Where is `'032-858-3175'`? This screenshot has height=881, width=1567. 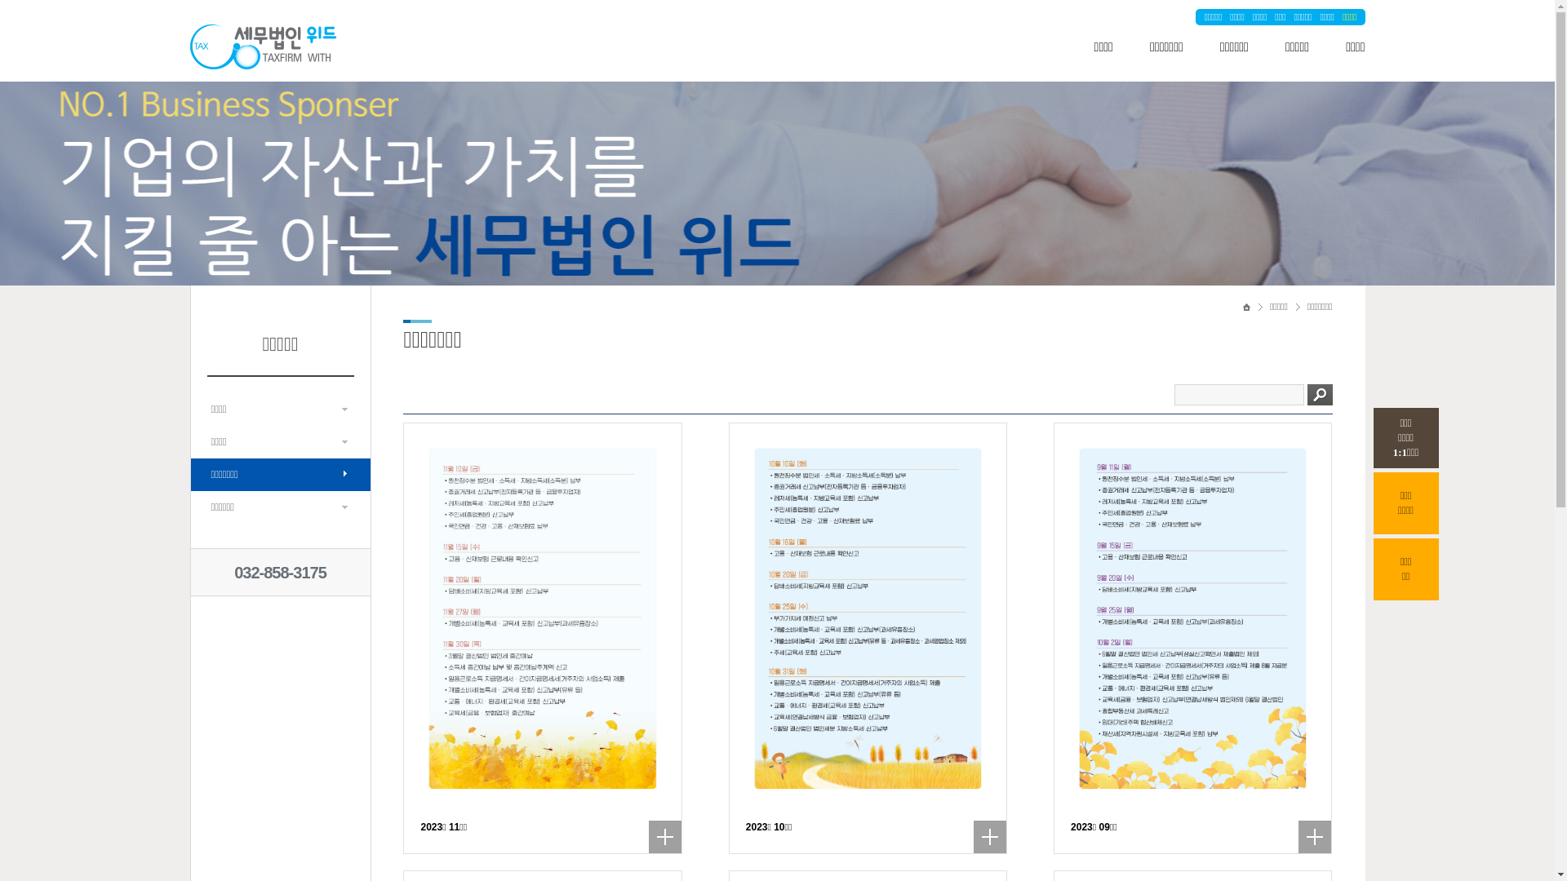 '032-858-3175' is located at coordinates (280, 572).